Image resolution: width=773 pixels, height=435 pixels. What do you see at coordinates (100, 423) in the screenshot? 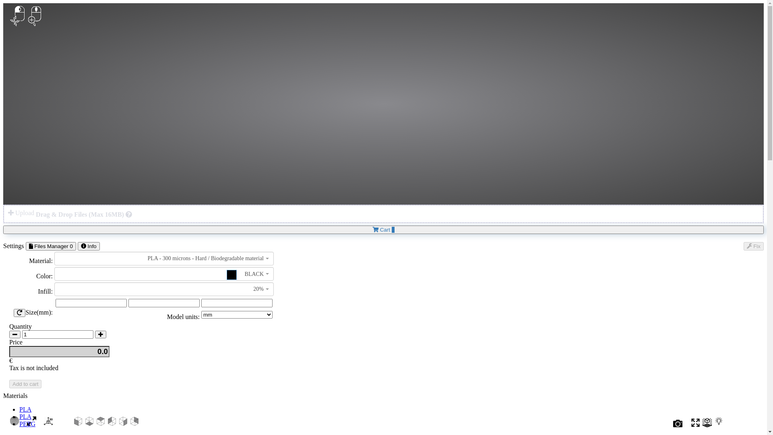
I see `'Top View'` at bounding box center [100, 423].